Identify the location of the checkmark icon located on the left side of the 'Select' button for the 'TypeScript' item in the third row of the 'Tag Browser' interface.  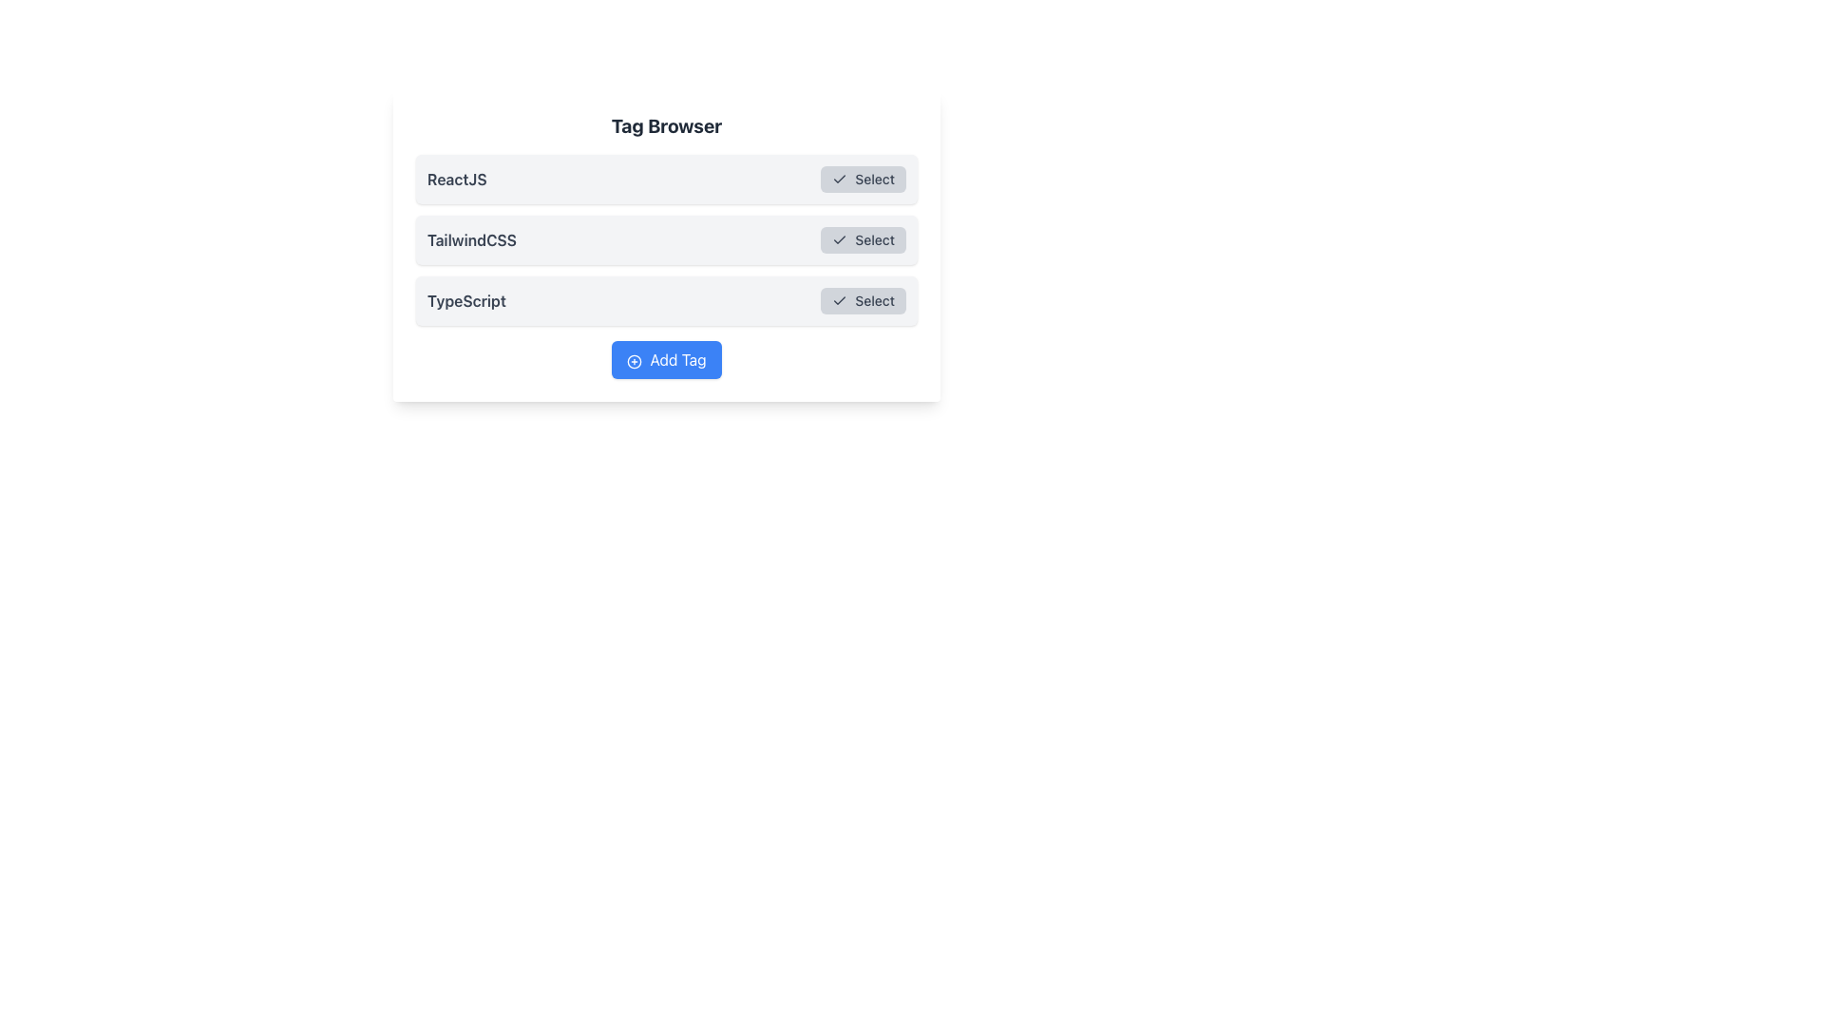
(839, 299).